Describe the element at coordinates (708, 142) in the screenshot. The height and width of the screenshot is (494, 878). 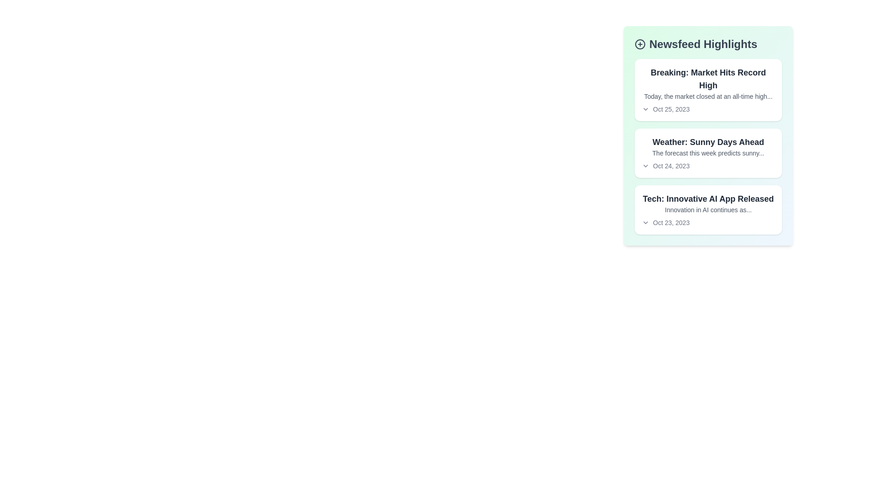
I see `the text of the article titled 'Weather: Sunny Days Ahead'` at that location.